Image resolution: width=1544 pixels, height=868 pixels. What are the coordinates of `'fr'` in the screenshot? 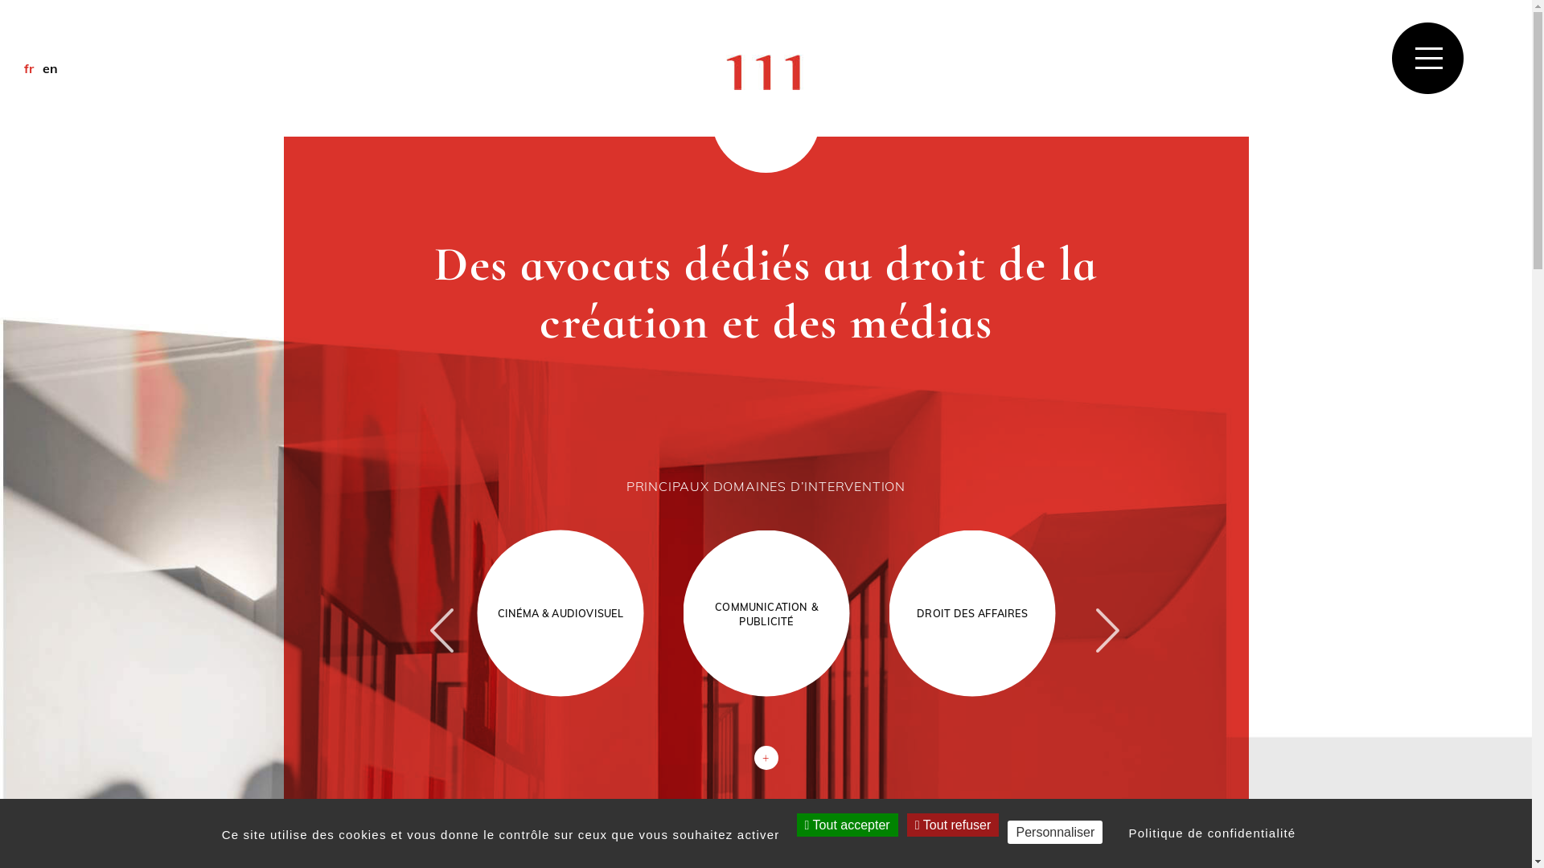 It's located at (29, 67).